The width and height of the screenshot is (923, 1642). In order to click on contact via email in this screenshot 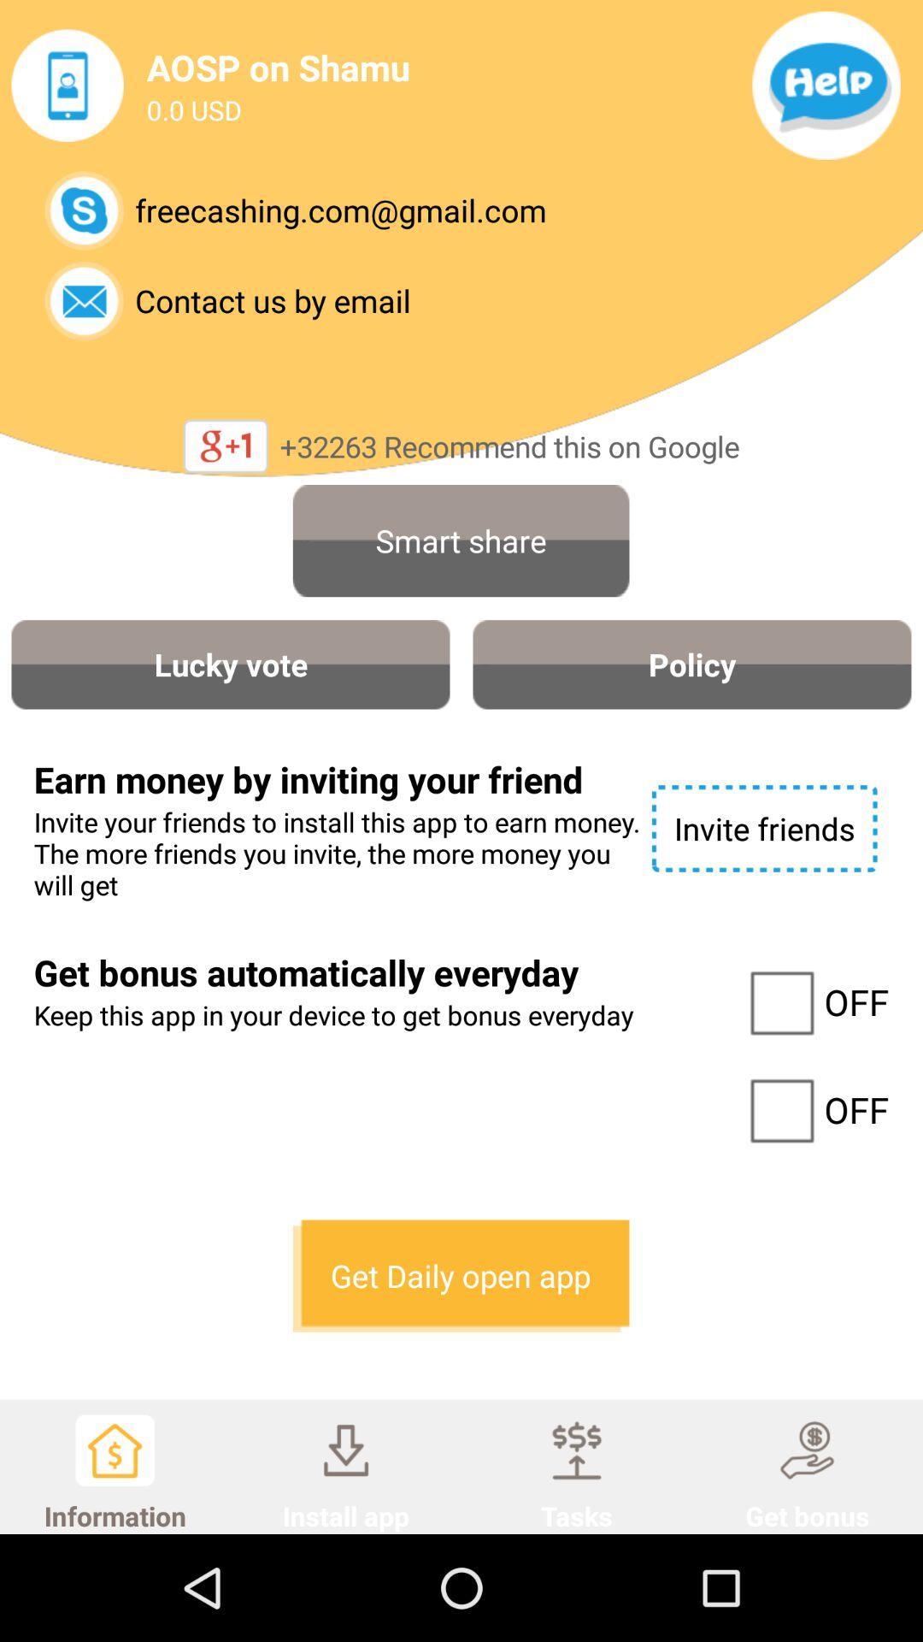, I will do `click(84, 301)`.